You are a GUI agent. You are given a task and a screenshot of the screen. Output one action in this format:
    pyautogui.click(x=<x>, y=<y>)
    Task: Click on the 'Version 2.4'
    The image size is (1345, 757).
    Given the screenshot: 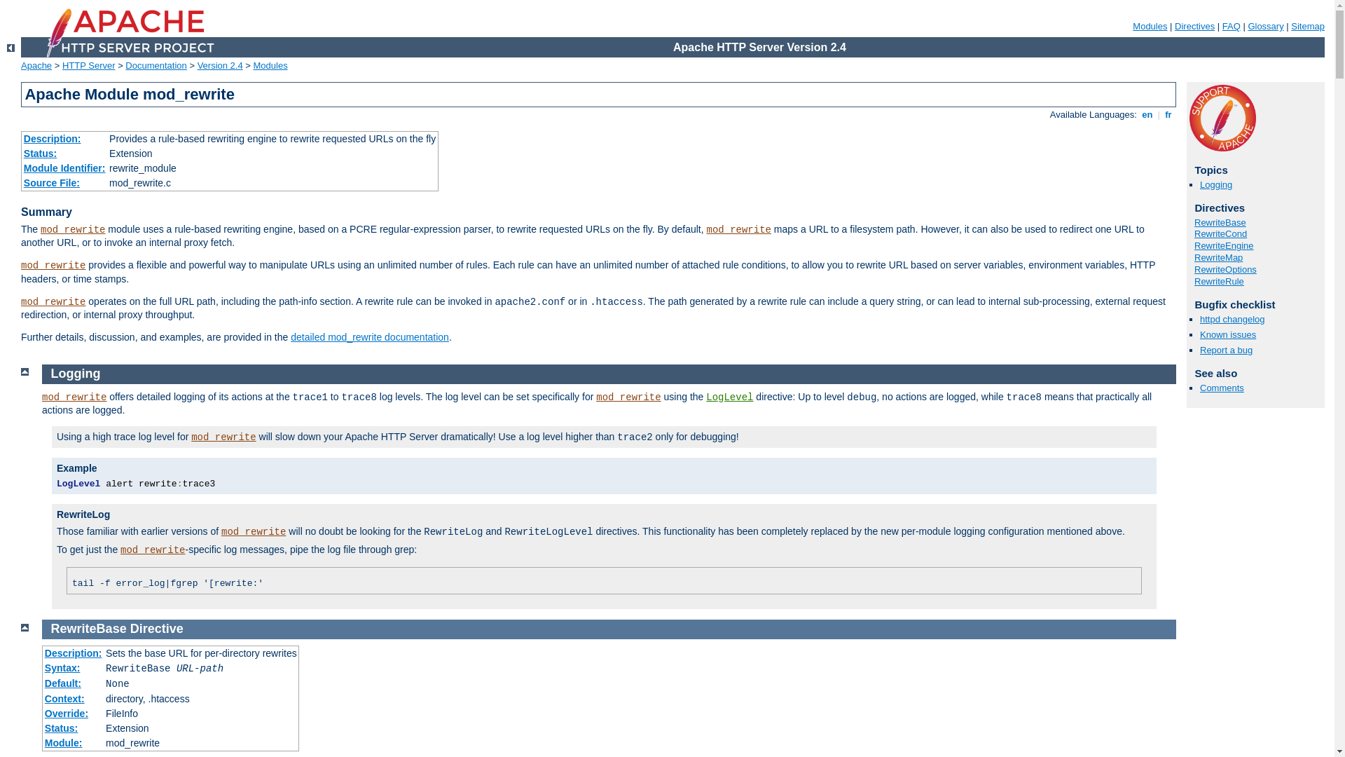 What is the action you would take?
    pyautogui.click(x=219, y=65)
    